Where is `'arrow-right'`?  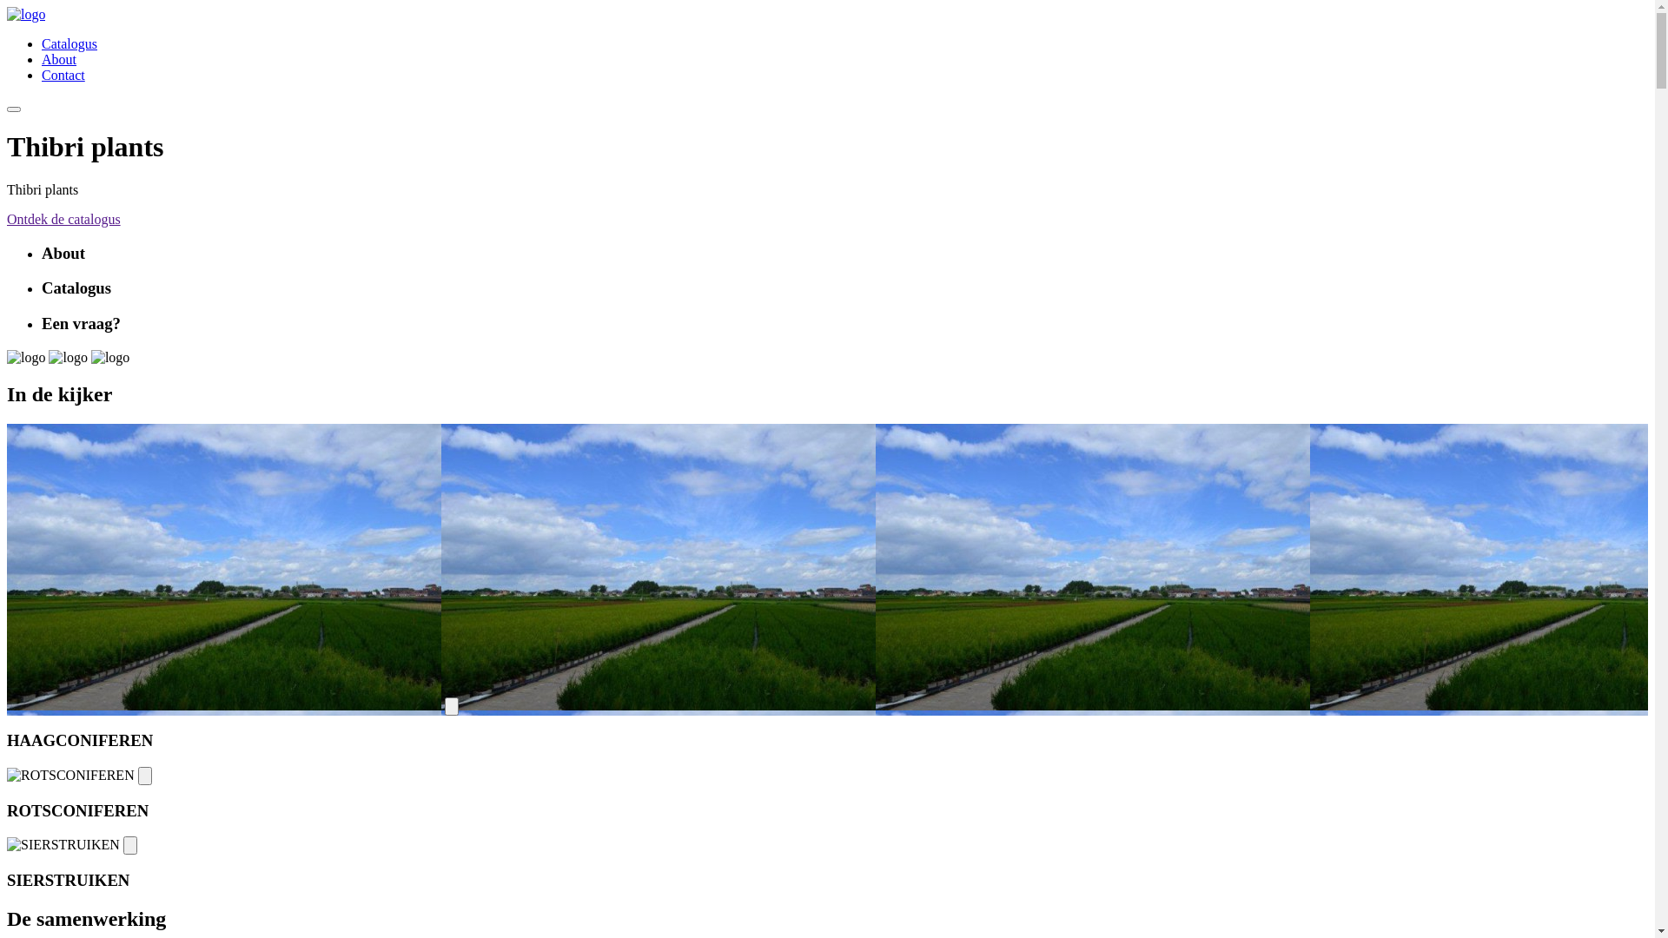
'arrow-right' is located at coordinates (145, 775).